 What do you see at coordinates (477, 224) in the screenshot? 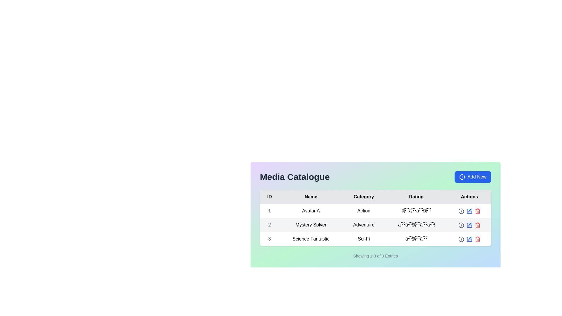
I see `the delete button located in the 'Actions' column of the second row in the table` at bounding box center [477, 224].